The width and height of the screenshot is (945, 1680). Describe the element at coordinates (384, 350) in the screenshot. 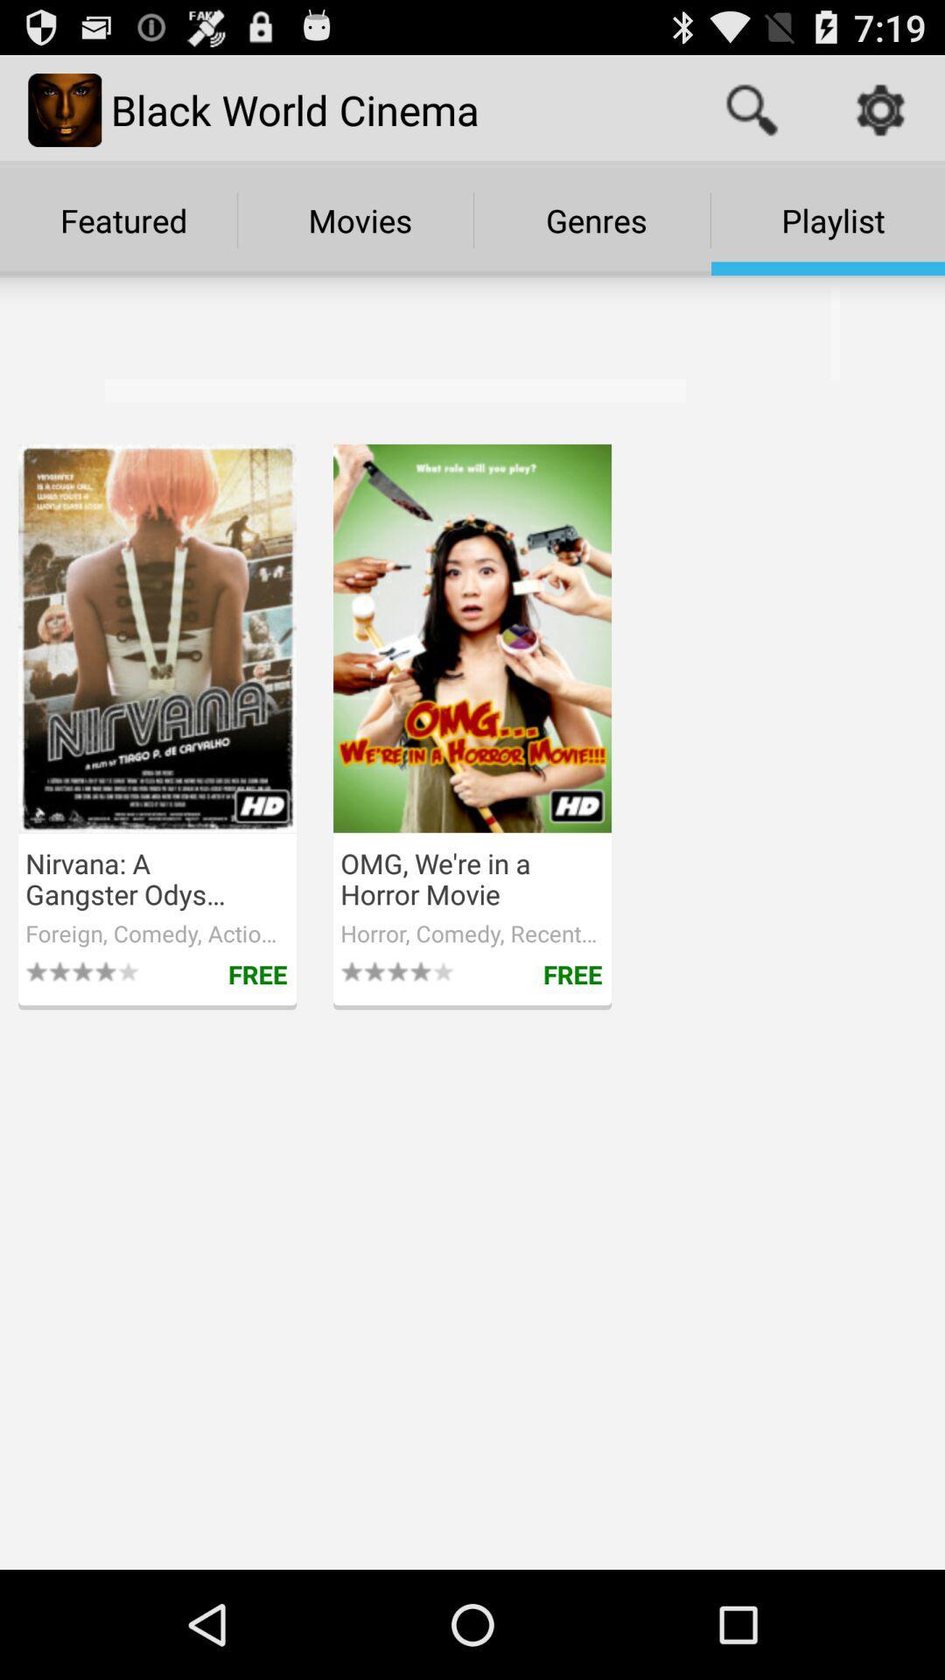

I see `the app below the featured icon` at that location.